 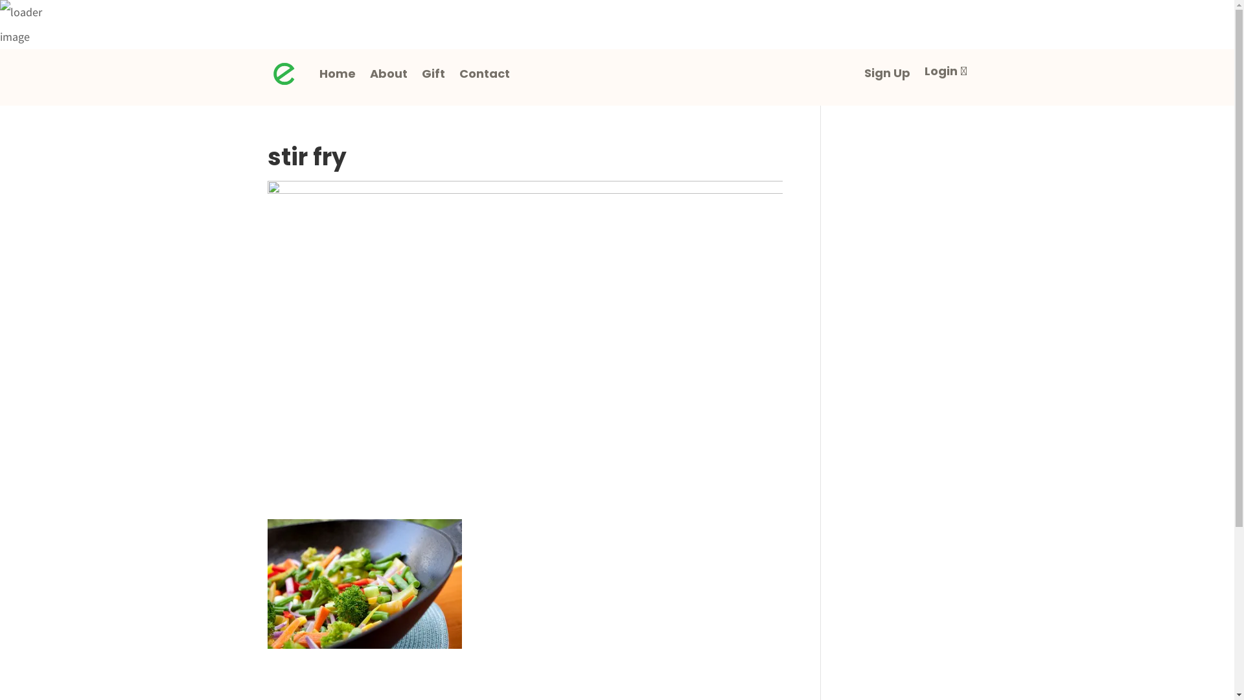 What do you see at coordinates (483, 74) in the screenshot?
I see `'Contact'` at bounding box center [483, 74].